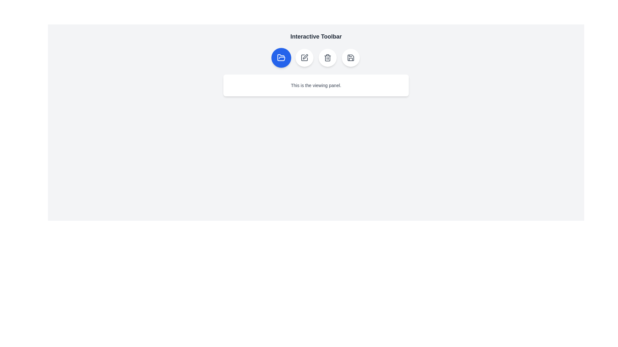  I want to click on the delete button located in the interactive toolbar, which is the third button positioned between the edit icon and the save icon, to observe any focus animation effect, so click(327, 58).